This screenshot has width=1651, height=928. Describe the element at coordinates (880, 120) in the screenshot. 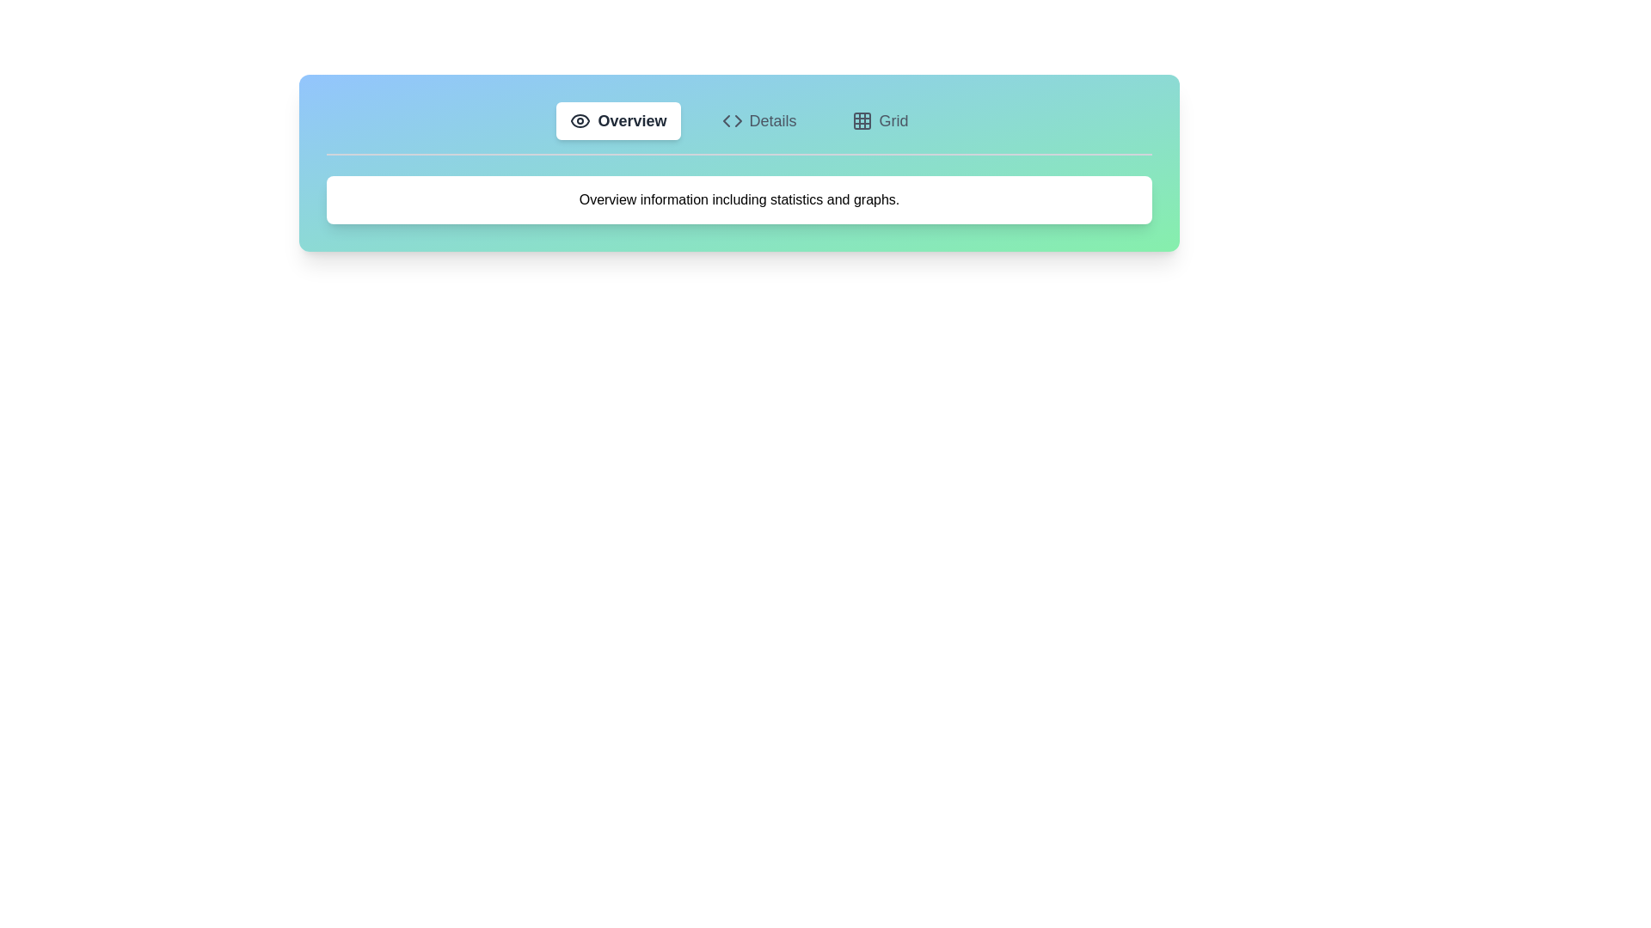

I see `the tab associated with Grid` at that location.